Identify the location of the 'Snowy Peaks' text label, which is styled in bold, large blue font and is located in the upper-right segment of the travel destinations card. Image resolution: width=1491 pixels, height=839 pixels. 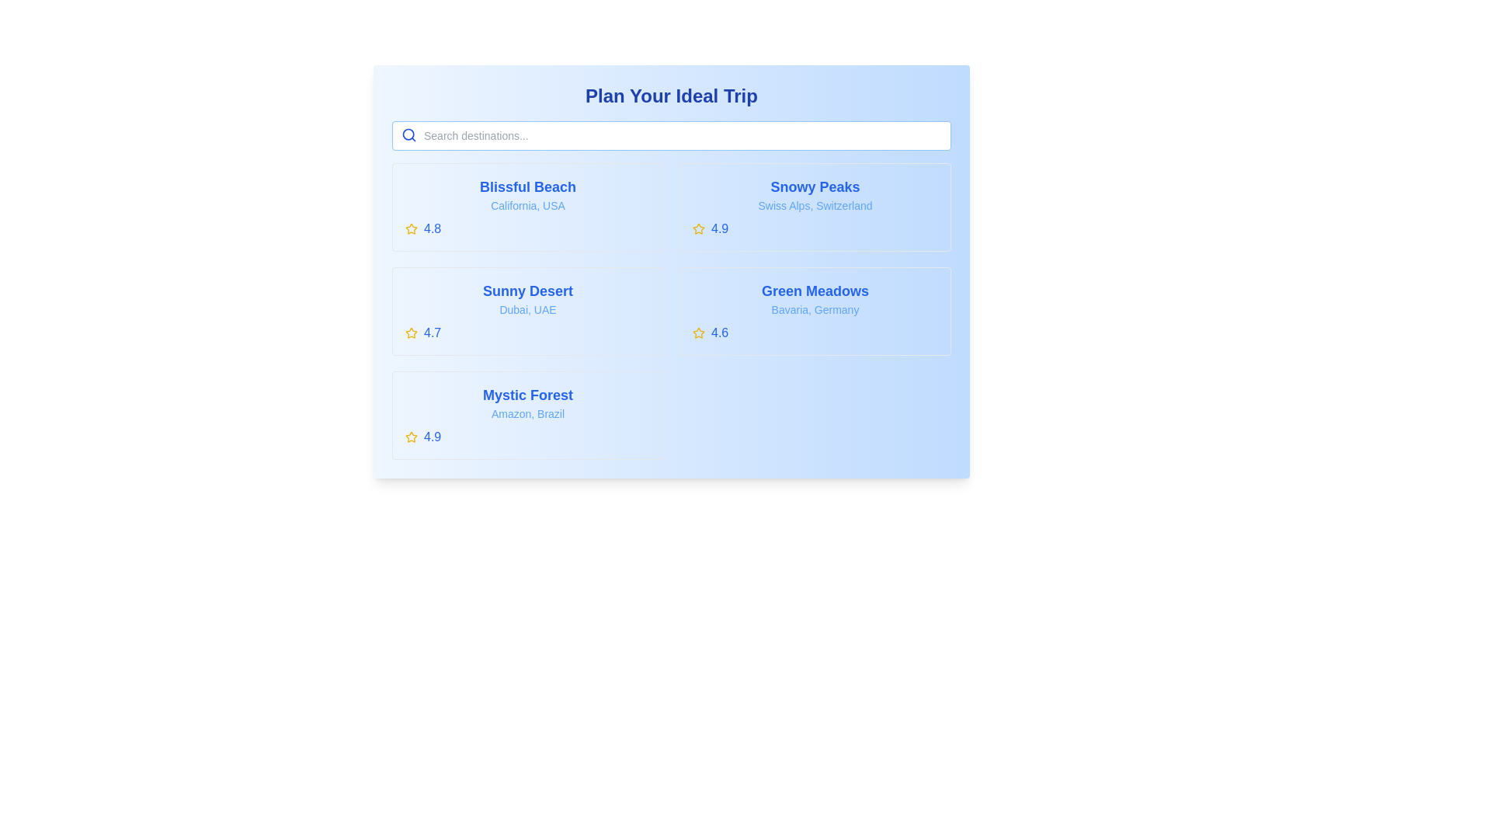
(815, 186).